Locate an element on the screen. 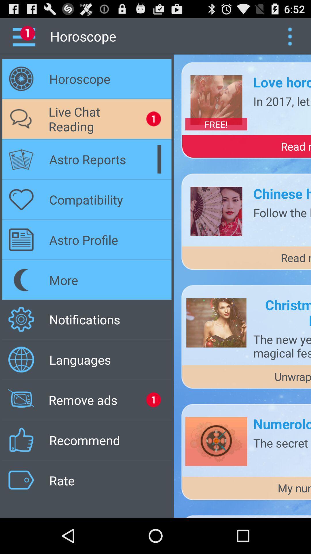  the chinese horoscope 2017 app is located at coordinates (282, 193).